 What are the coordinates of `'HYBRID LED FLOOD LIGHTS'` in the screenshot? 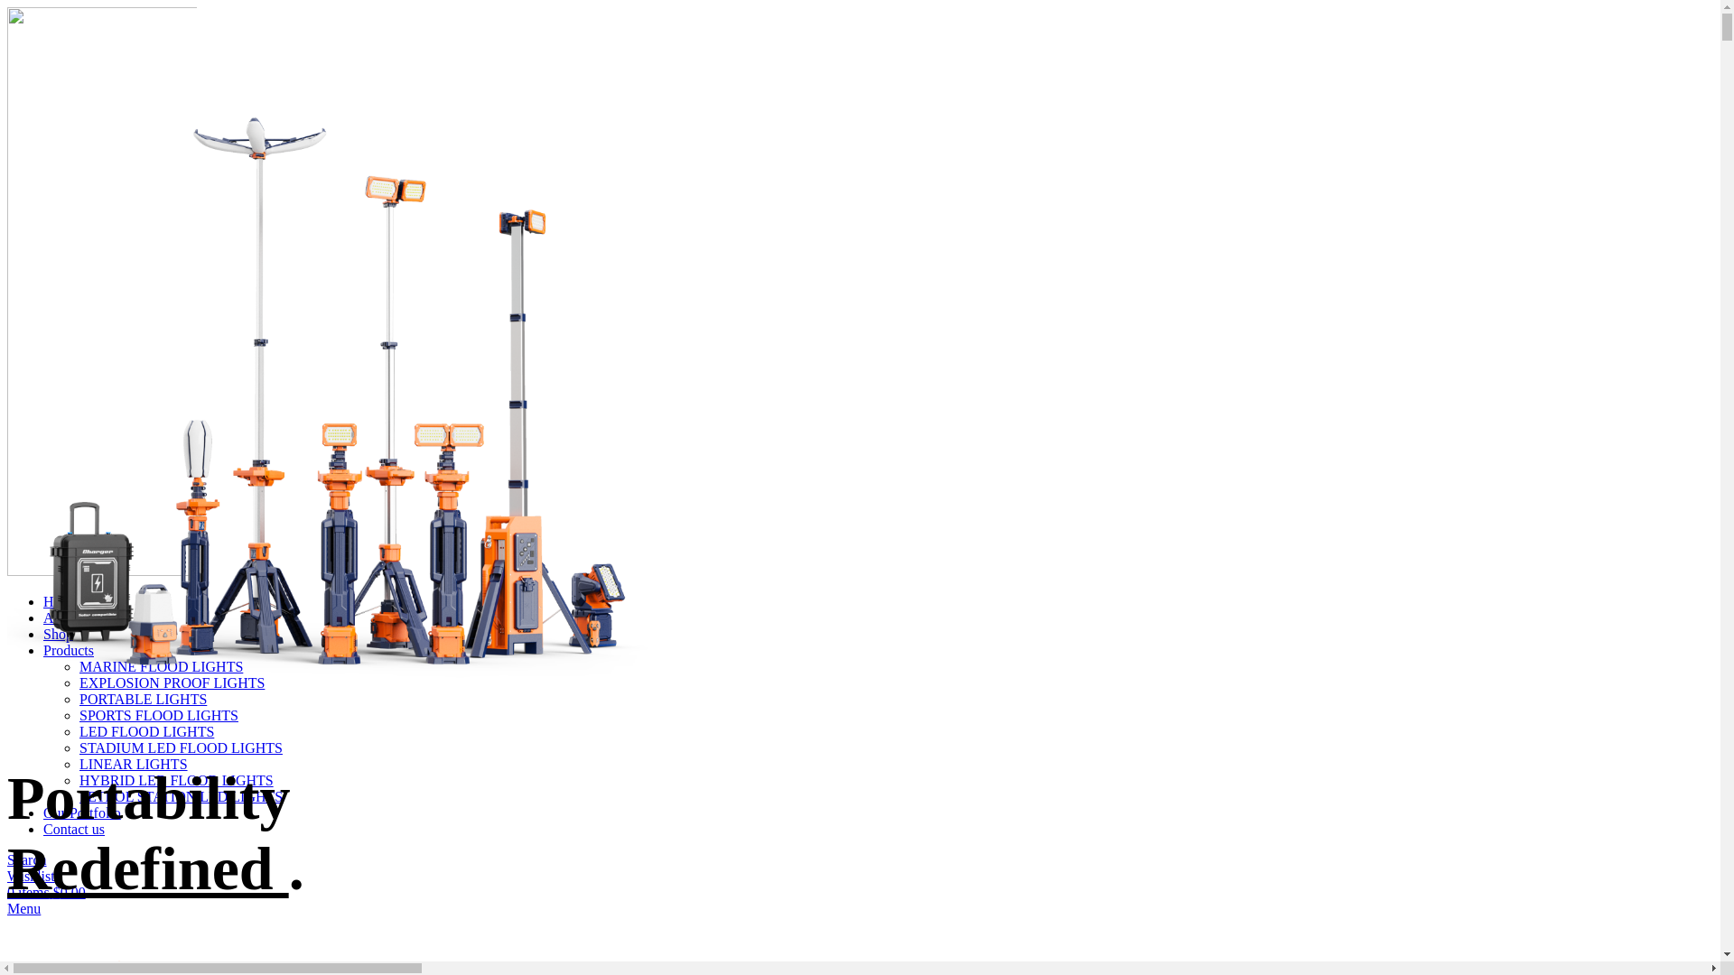 It's located at (176, 779).